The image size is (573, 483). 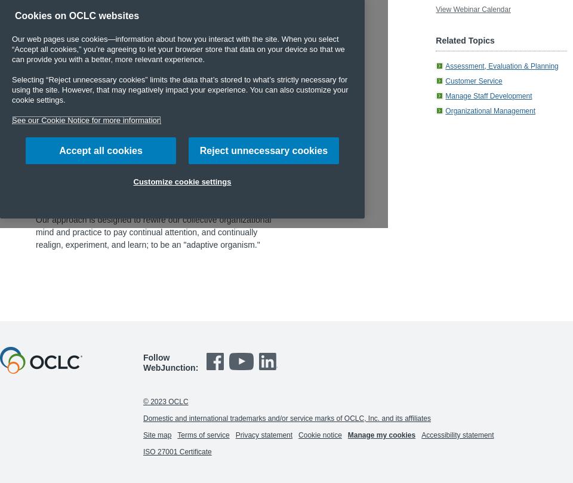 I want to click on 'Customer Service', so click(x=445, y=81).